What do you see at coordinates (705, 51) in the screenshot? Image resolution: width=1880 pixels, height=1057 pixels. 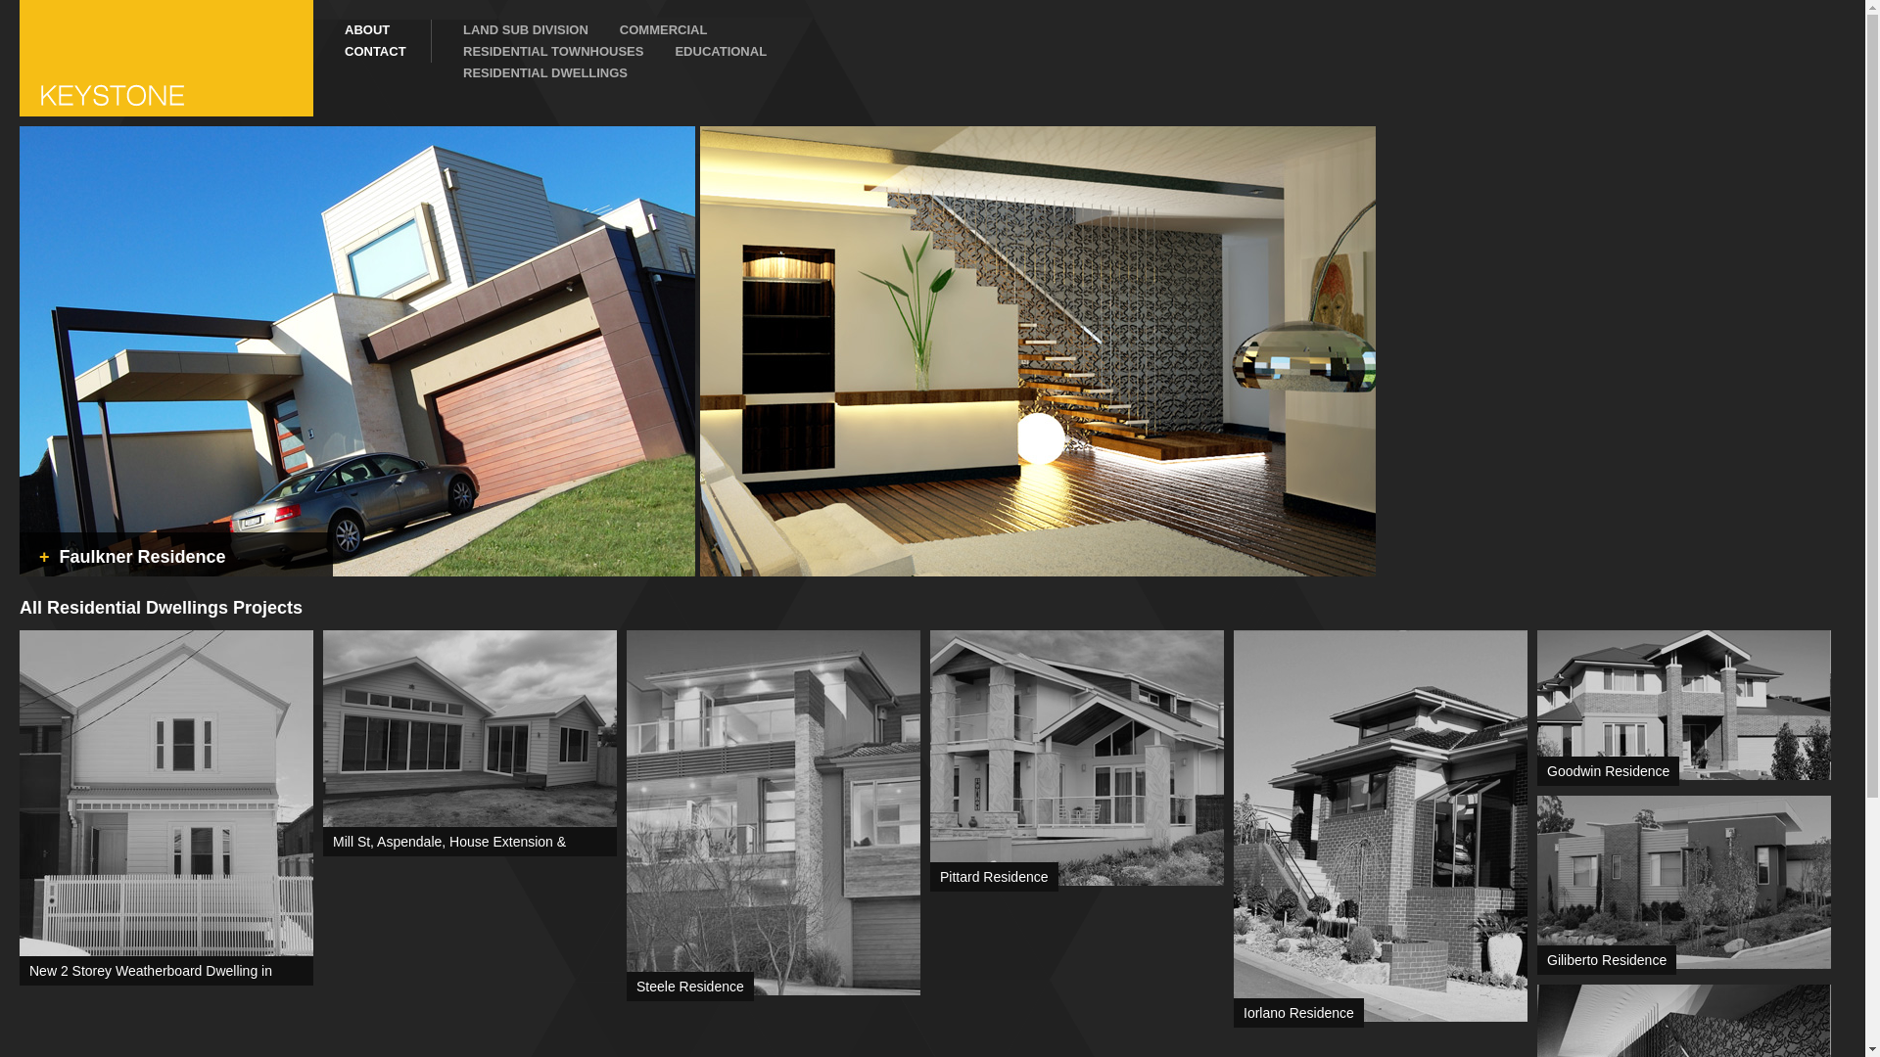 I see `'EDUCATIONAL'` at bounding box center [705, 51].